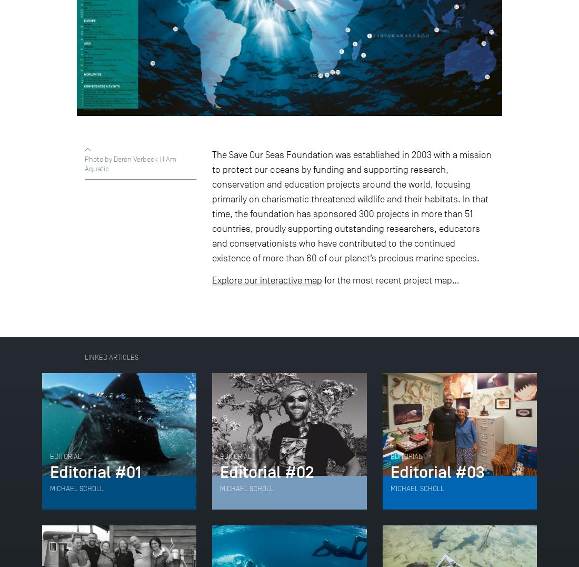 The height and width of the screenshot is (567, 579). I want to click on 'for the most recent project map…', so click(390, 280).